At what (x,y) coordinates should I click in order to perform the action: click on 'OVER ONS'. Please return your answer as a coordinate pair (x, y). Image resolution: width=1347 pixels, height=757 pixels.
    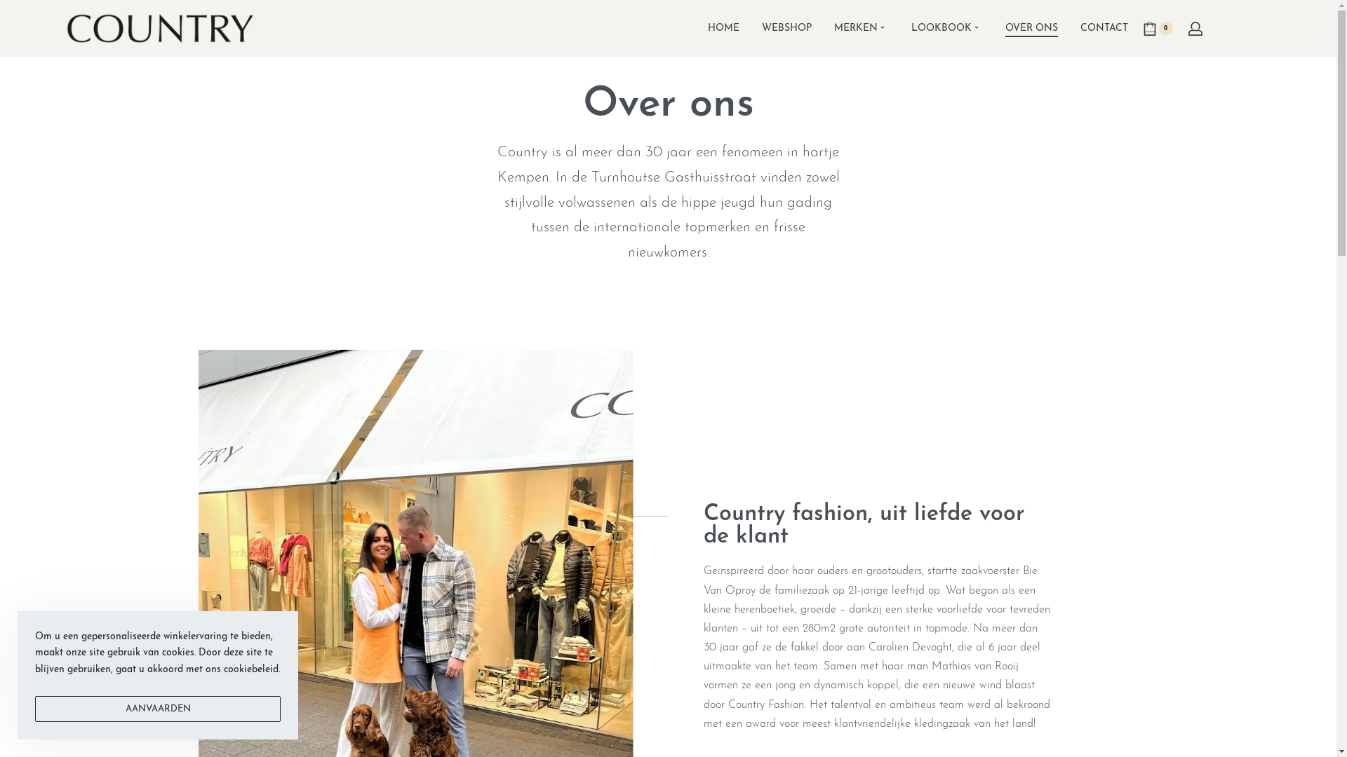
    Looking at the image, I should click on (1031, 29).